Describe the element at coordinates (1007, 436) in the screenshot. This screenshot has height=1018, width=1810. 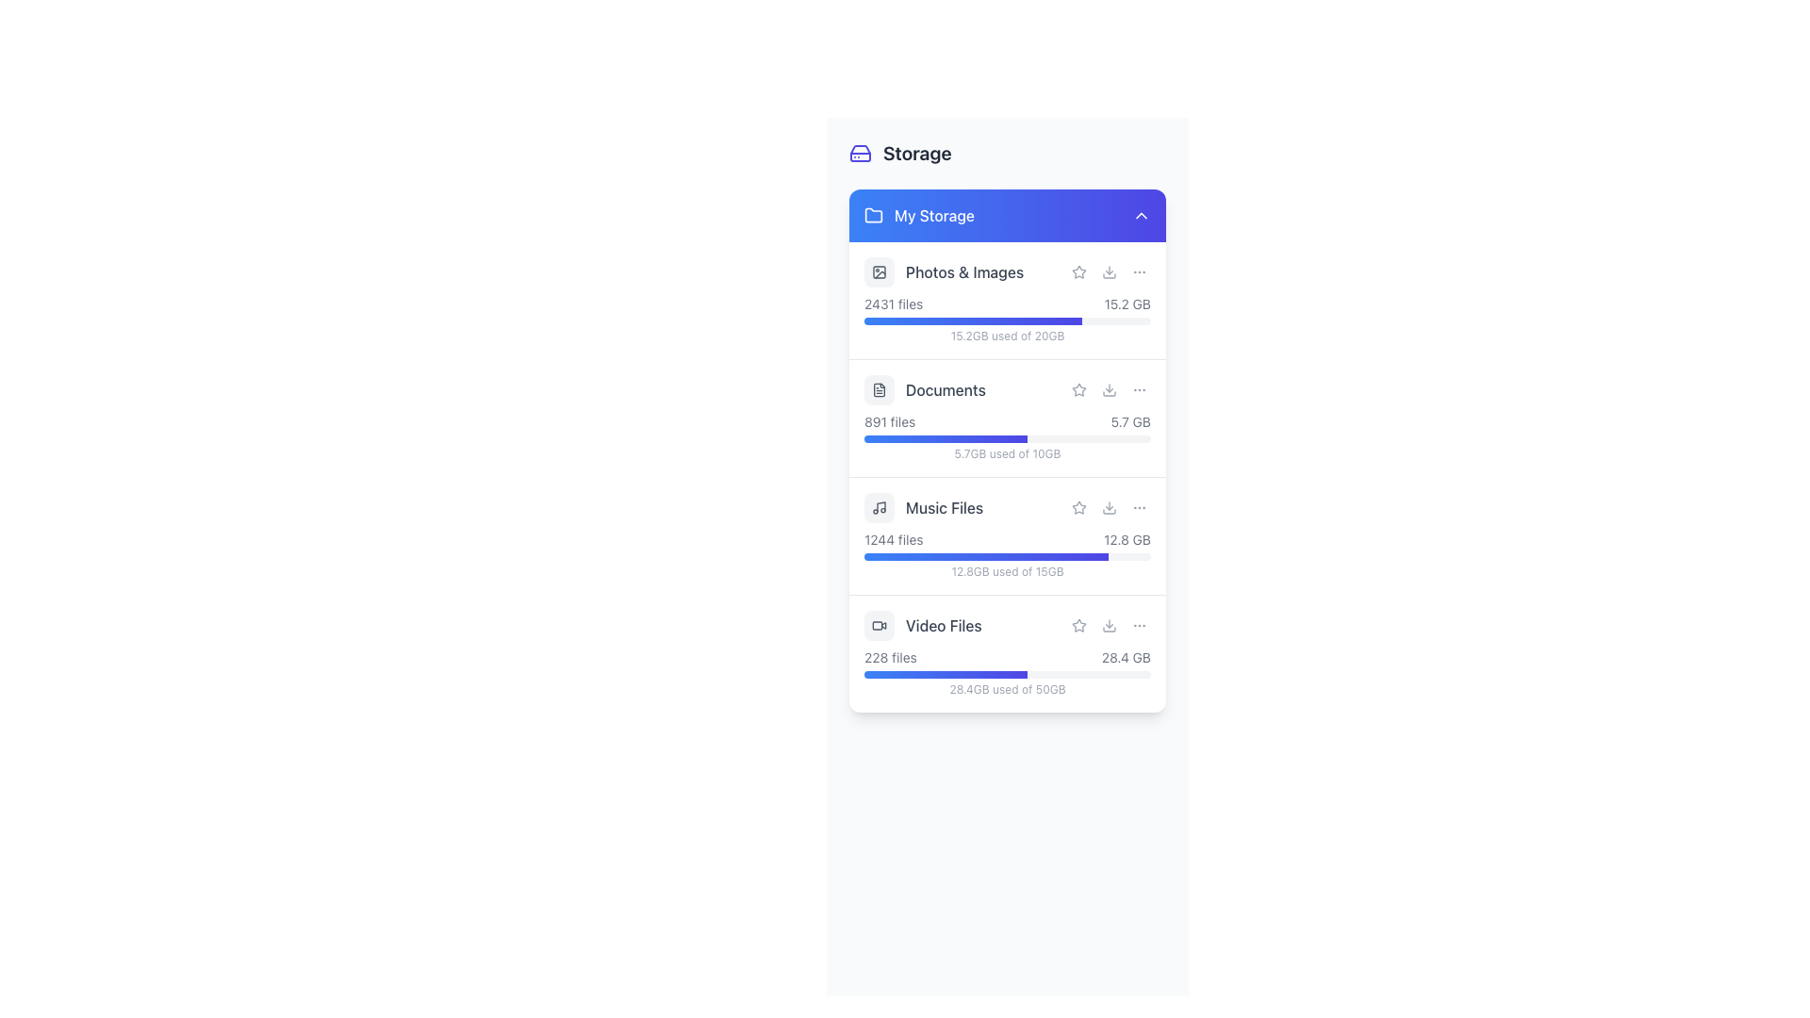
I see `the storage usage section for 'Documents'` at that location.